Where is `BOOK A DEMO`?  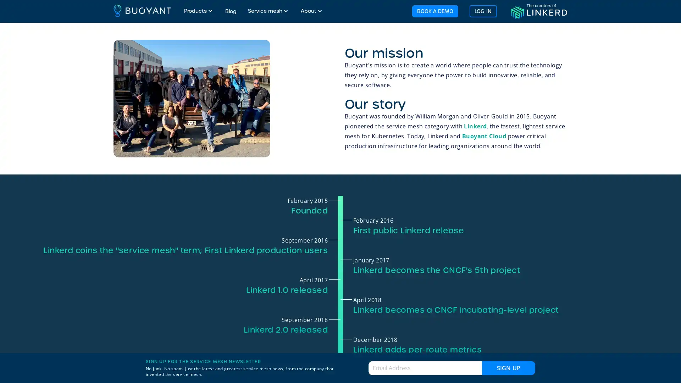 BOOK A DEMO is located at coordinates (434, 11).